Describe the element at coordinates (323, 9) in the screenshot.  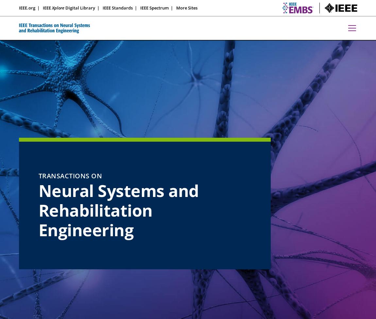
I see `'embs.org'` at that location.